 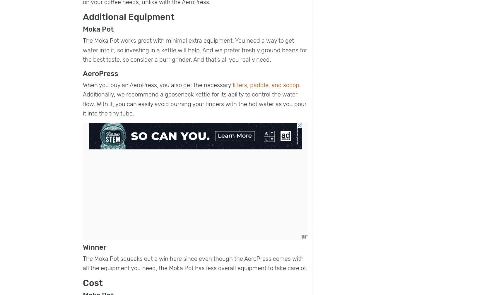 What do you see at coordinates (266, 84) in the screenshot?
I see `'filters, paddle, and scoop'` at bounding box center [266, 84].